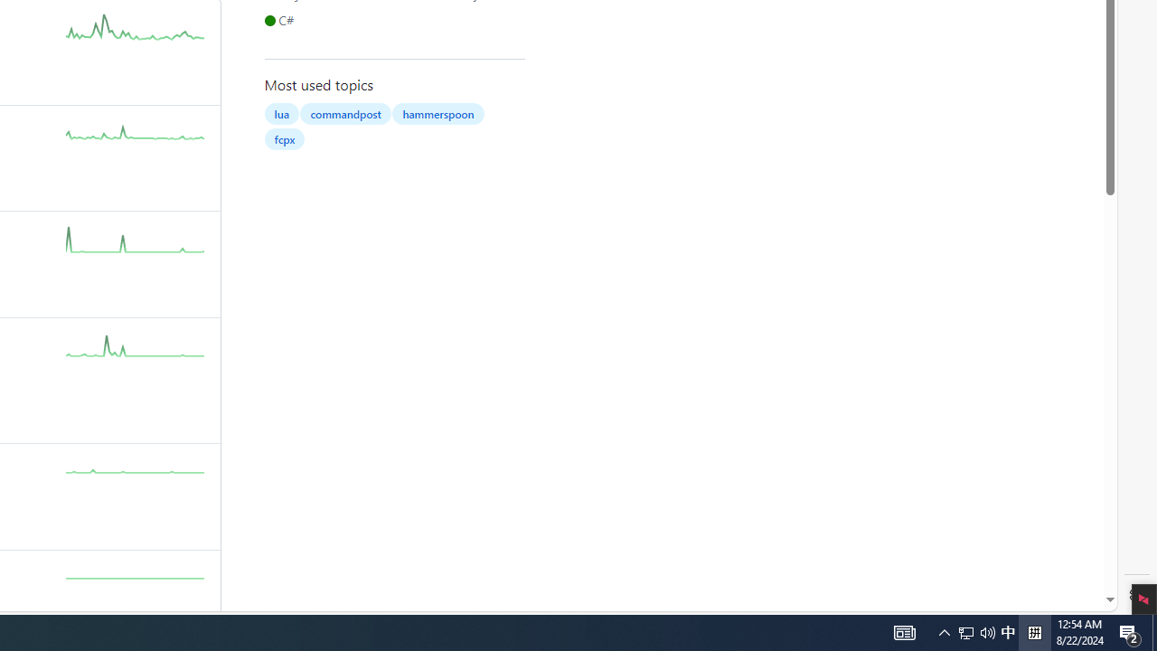 The height and width of the screenshot is (651, 1157). Describe the element at coordinates (281, 20) in the screenshot. I see `'C#'` at that location.